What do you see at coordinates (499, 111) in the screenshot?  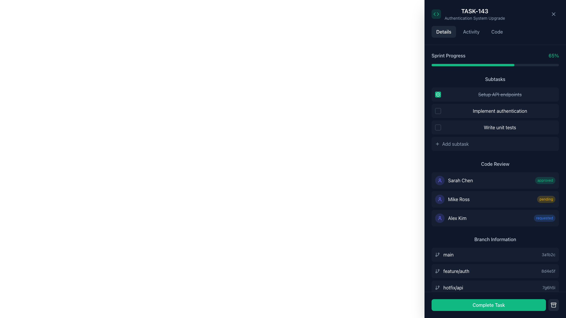 I see `the Text Label that describes the subtask 'Implement authentication', which is located between the tasks 'Setup API endpoints' and 'Write unit tests'` at bounding box center [499, 111].